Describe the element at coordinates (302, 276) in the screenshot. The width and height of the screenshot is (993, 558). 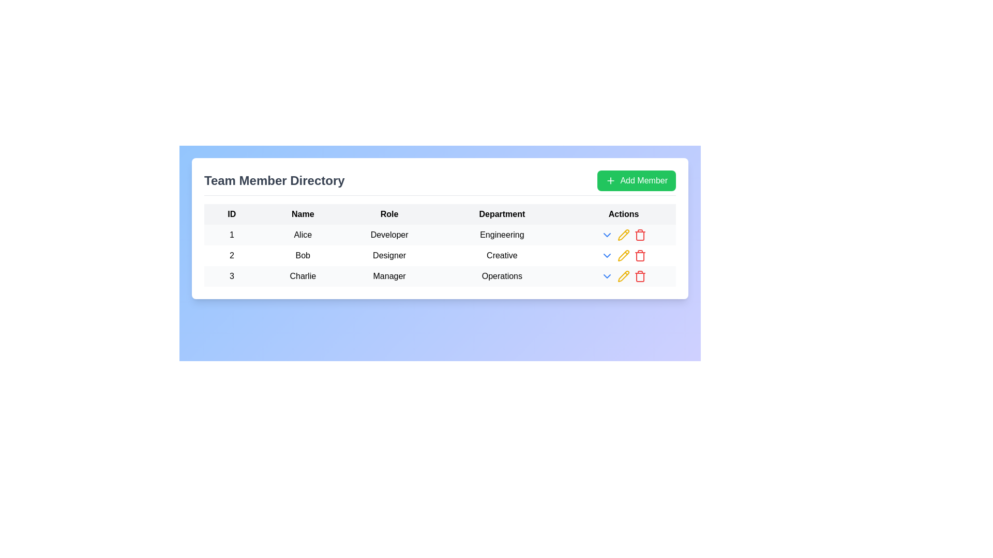
I see `the text label displaying 'Charlie' in the 'Name' column, which is positioned in the third row of the table labeled '3CharlieManagerOperations'` at that location.